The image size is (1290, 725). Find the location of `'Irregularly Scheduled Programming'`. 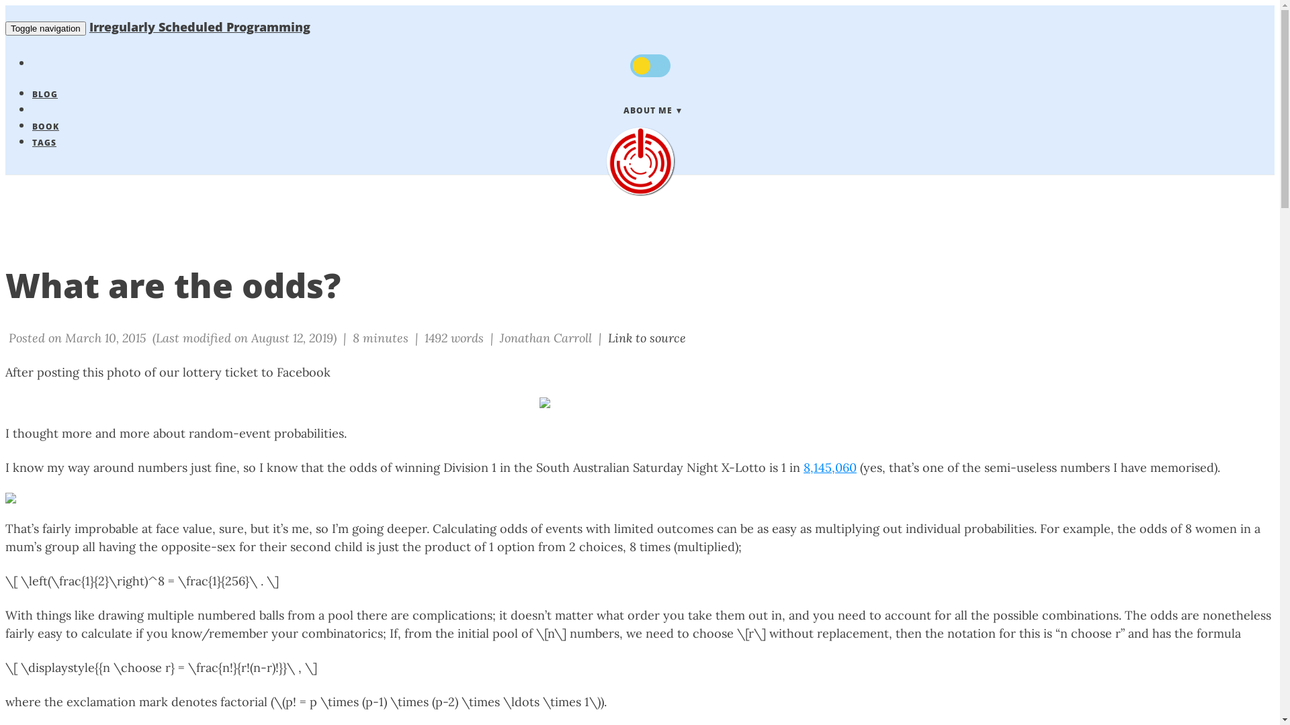

'Irregularly Scheduled Programming' is located at coordinates (605, 160).